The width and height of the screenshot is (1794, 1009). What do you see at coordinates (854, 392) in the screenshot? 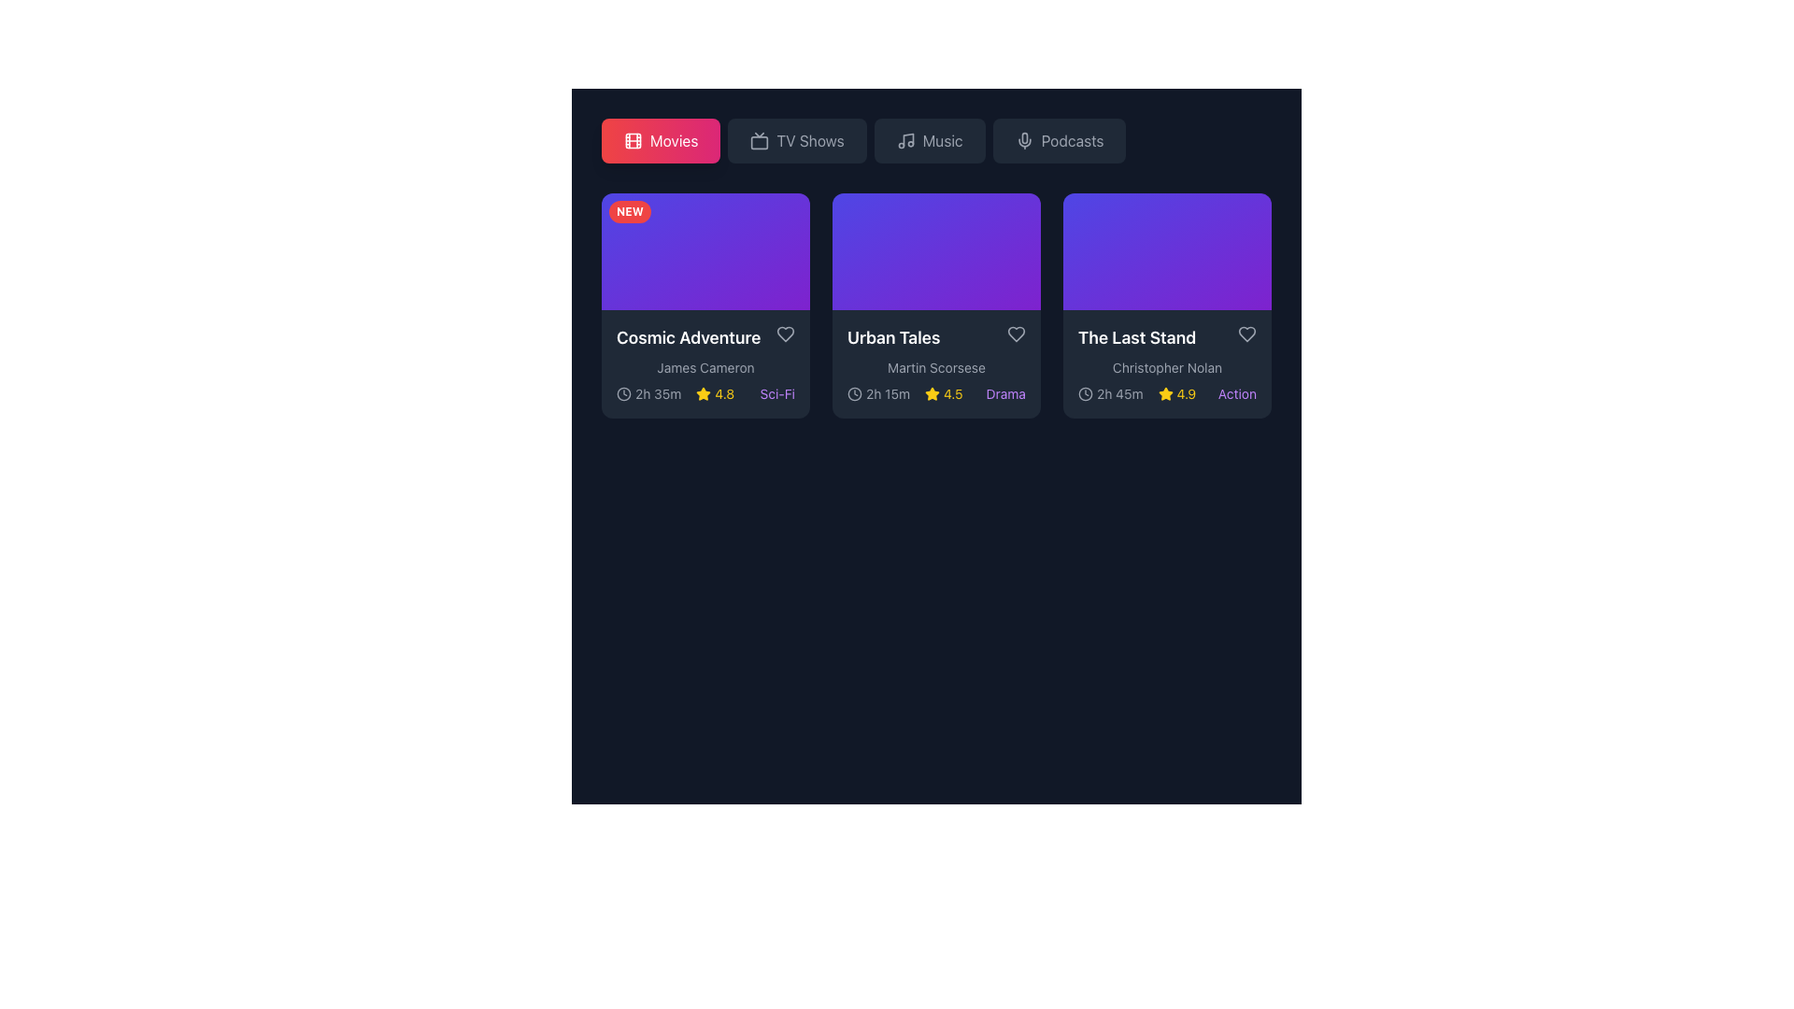
I see `the circular clock icon within the SVG graphic located on the 'Urban Tales' card, positioned near the bottom section next to the card details` at bounding box center [854, 392].